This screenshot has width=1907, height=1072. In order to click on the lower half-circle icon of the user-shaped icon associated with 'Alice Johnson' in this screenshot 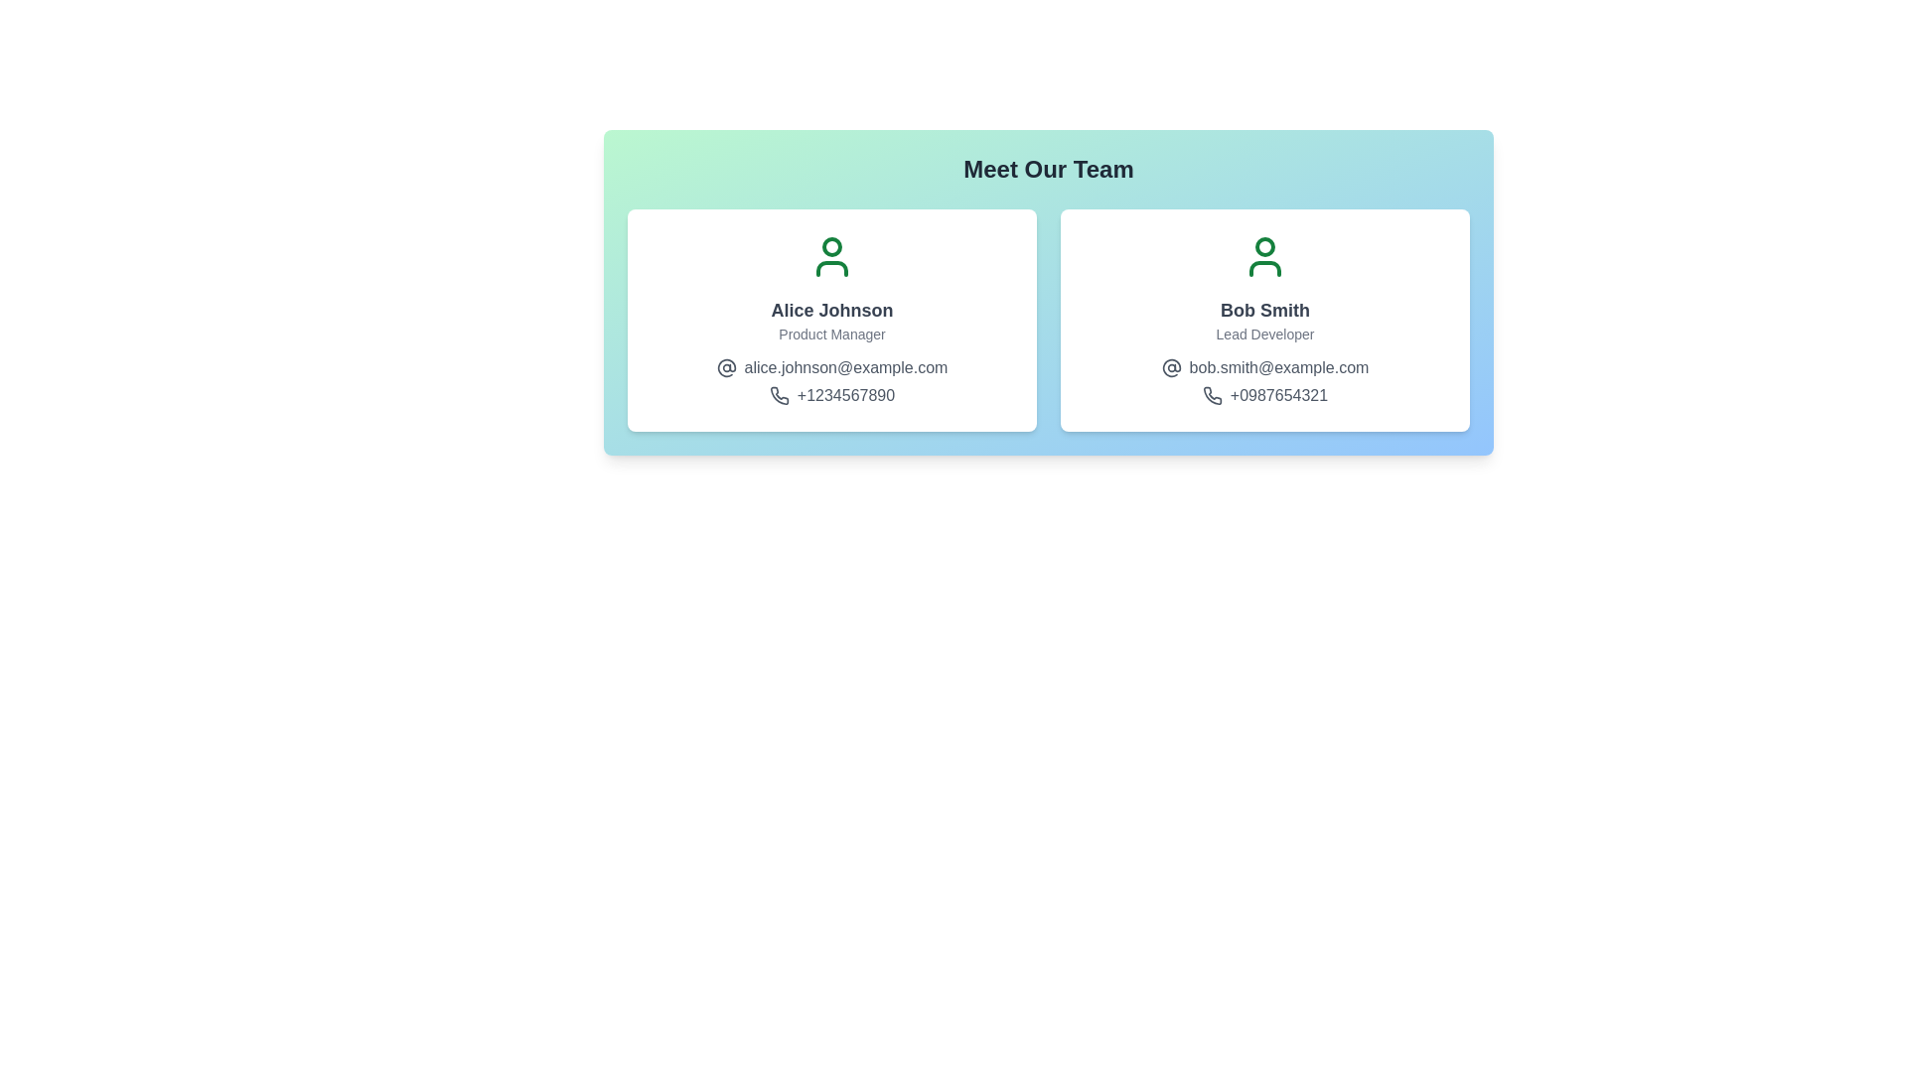, I will do `click(832, 268)`.